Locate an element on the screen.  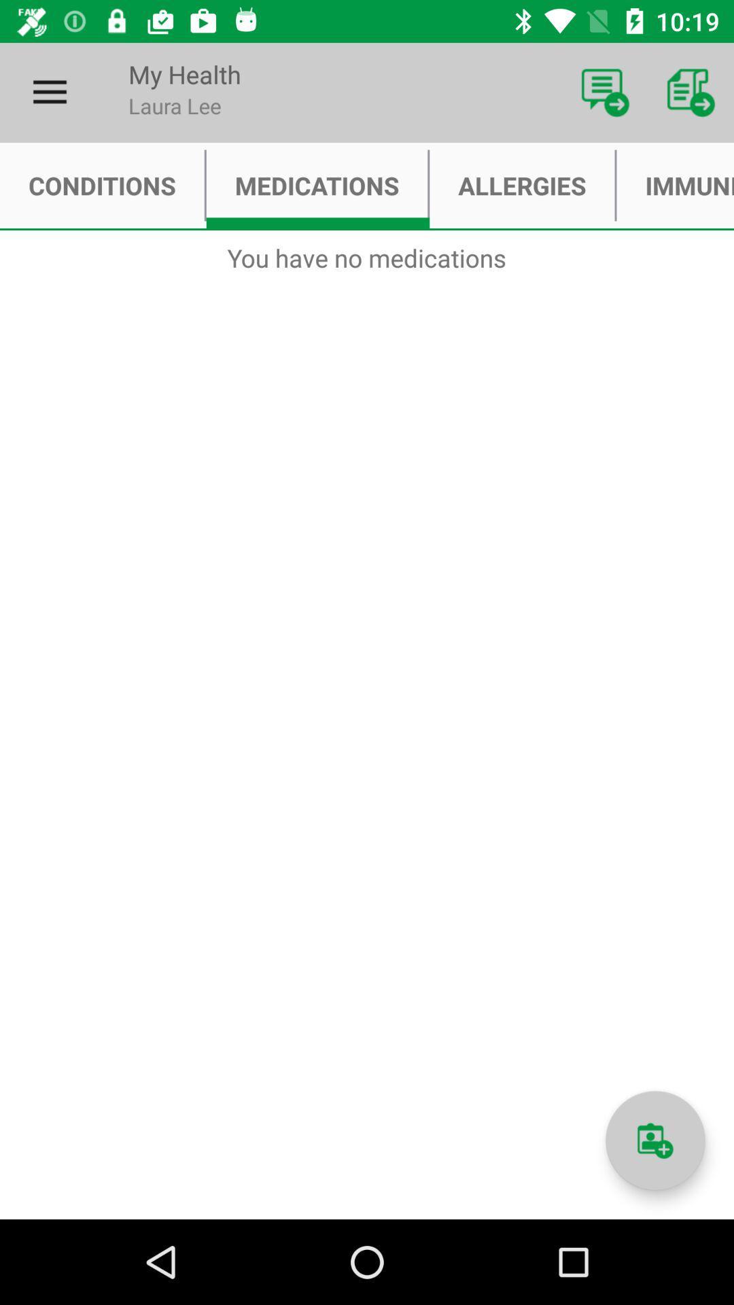
the item next to my health item is located at coordinates (49, 92).